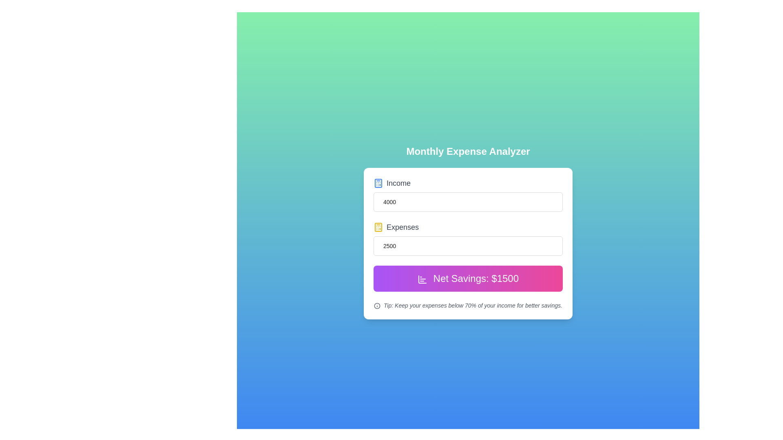  Describe the element at coordinates (422, 279) in the screenshot. I see `the rectangular icon resembling a bar chart, which is positioned to the left of the 'Net Savings' label on the purple button` at that location.